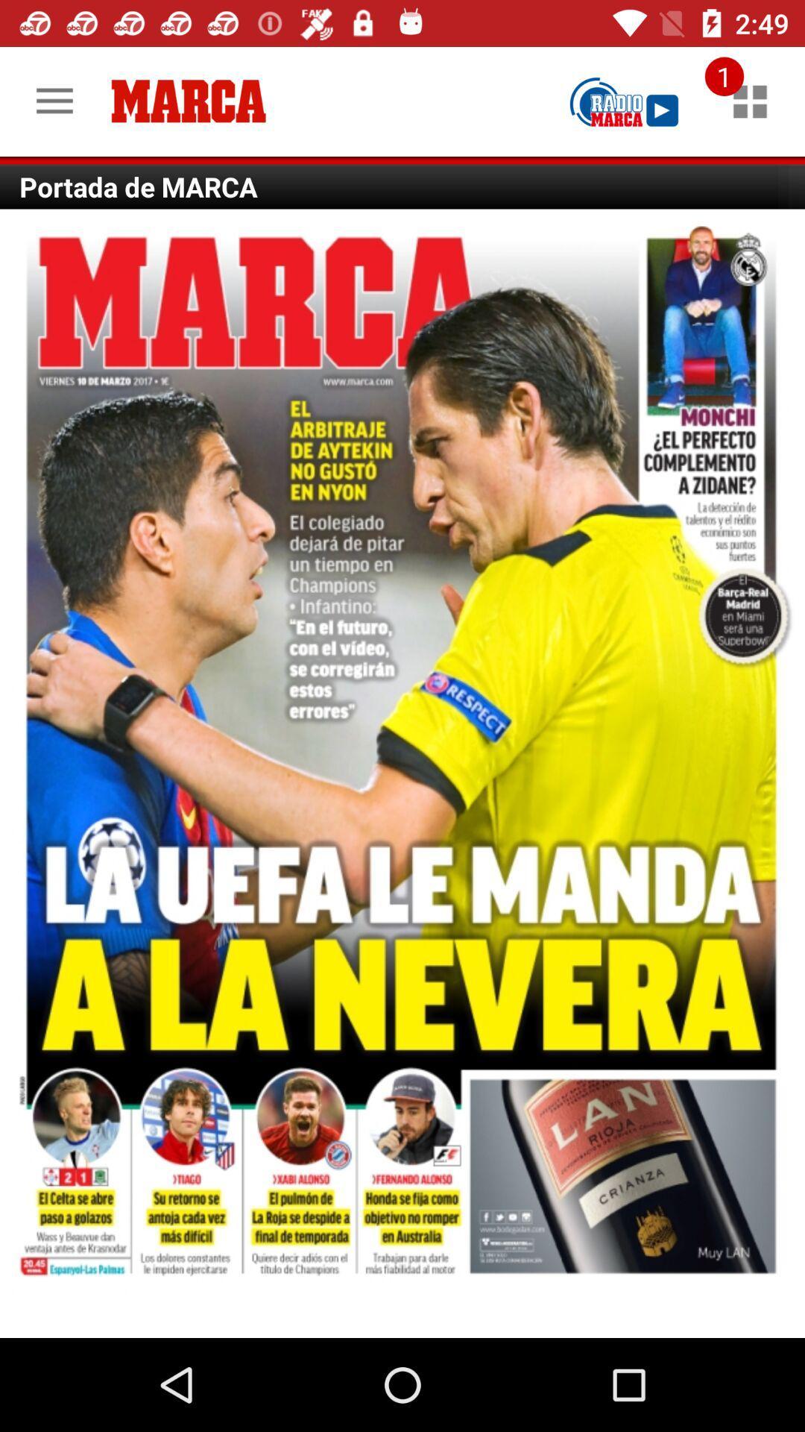  I want to click on play, so click(624, 101).